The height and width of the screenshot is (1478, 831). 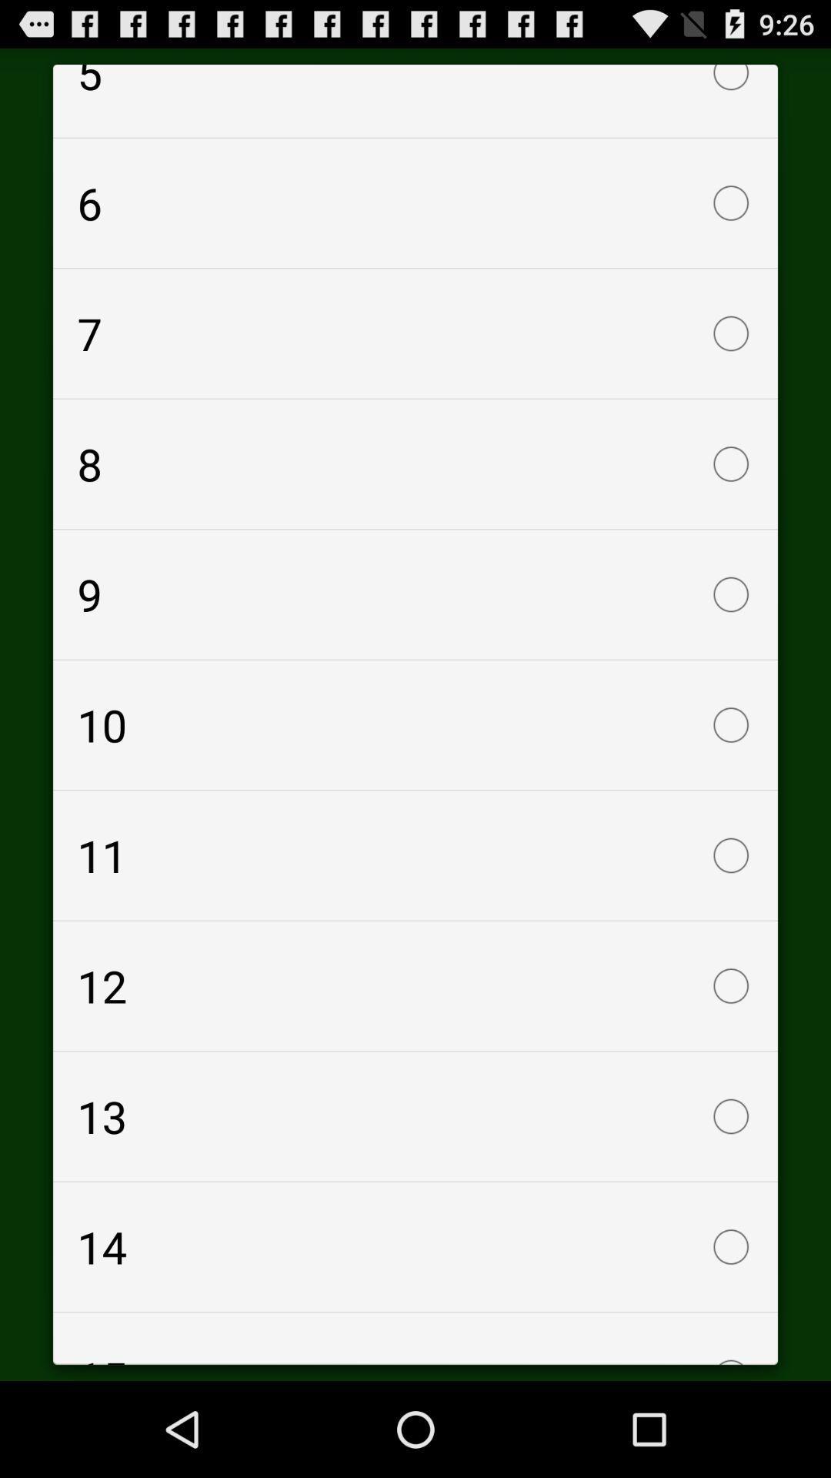 What do you see at coordinates (415, 333) in the screenshot?
I see `the 7 item` at bounding box center [415, 333].